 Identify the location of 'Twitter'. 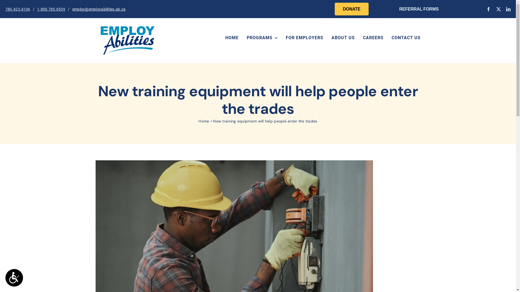
(498, 9).